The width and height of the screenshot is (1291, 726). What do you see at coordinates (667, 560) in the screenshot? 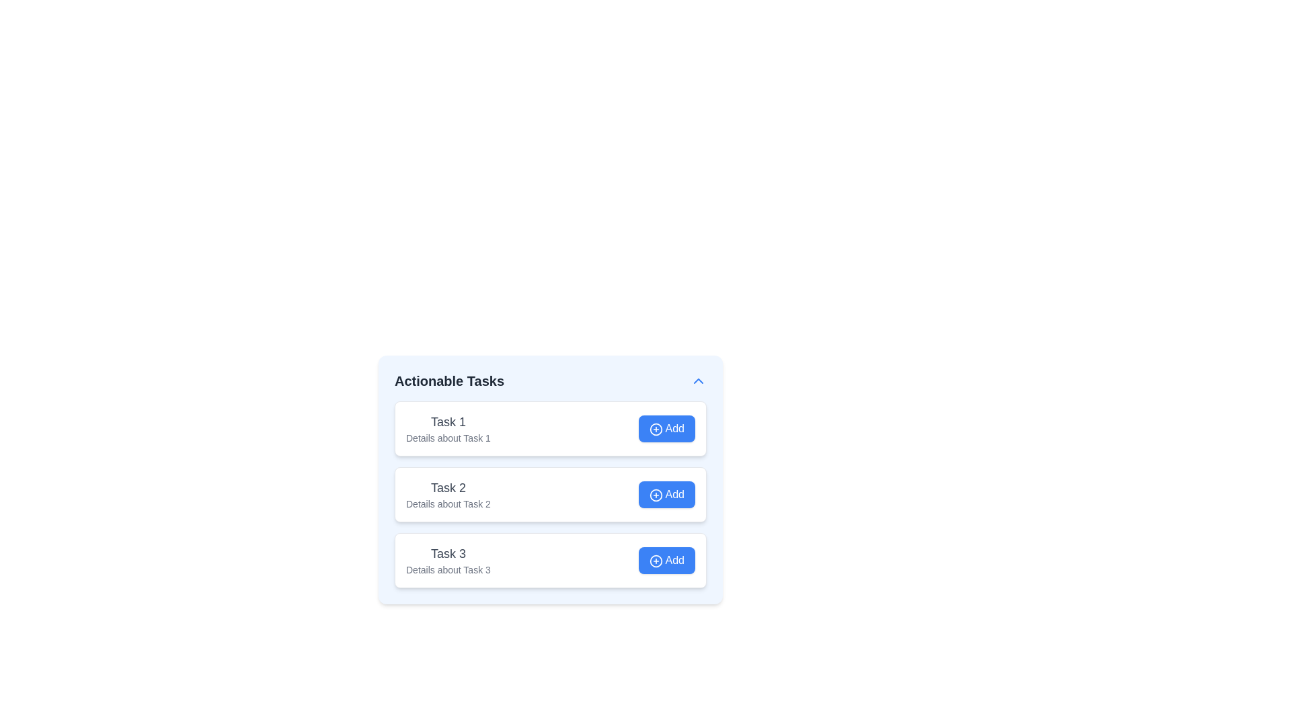
I see `the task management button located to the right of 'Task 3' and 'Details about Task 3'` at bounding box center [667, 560].